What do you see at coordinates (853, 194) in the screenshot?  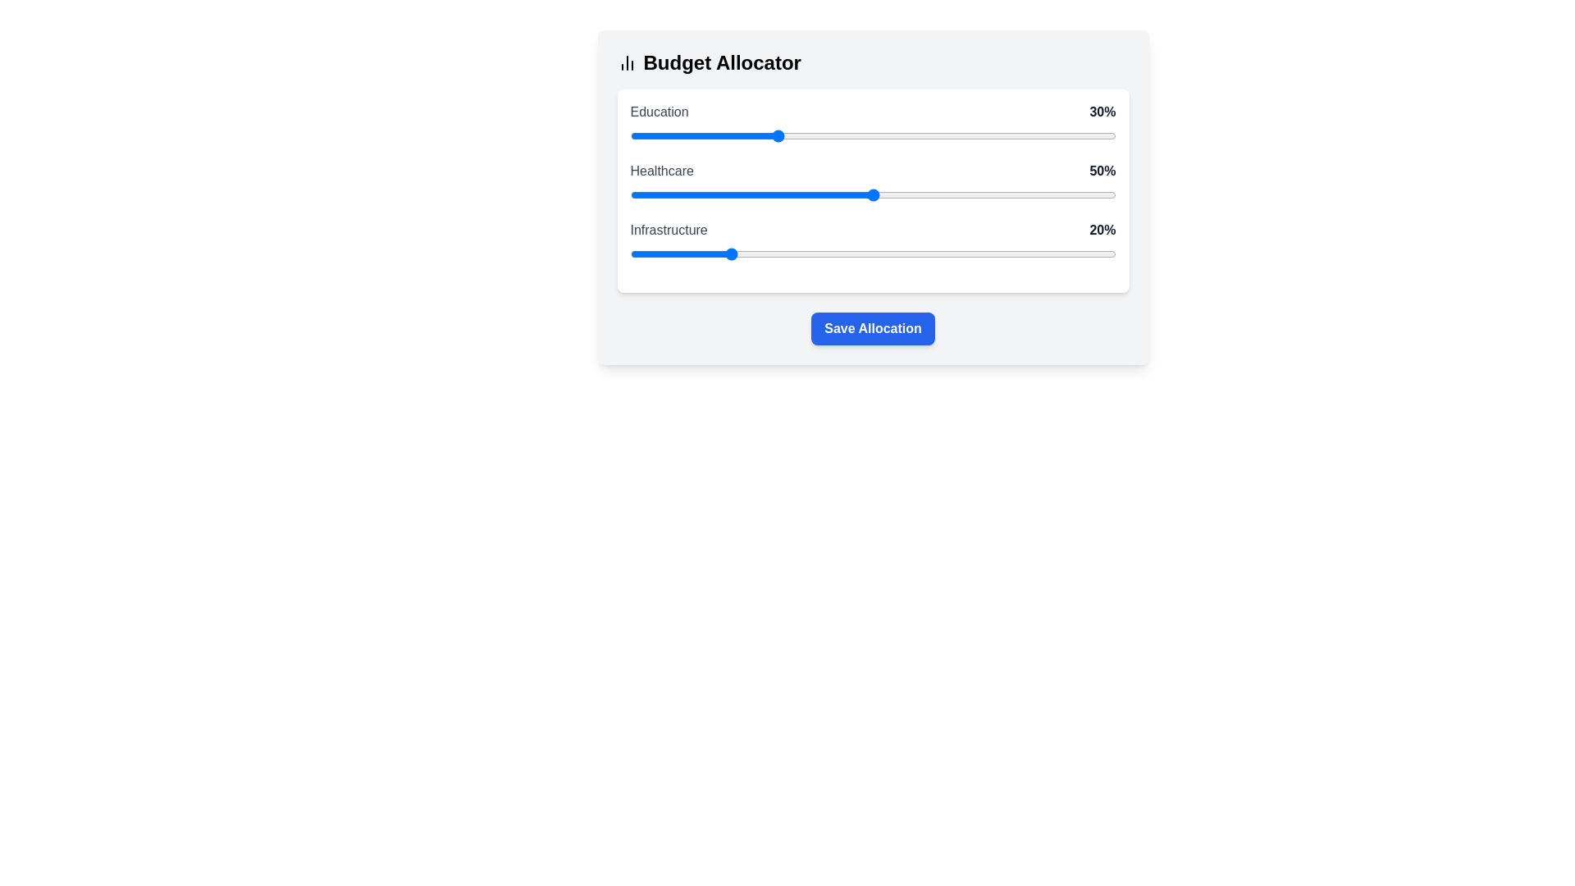 I see `healthcare allocation` at bounding box center [853, 194].